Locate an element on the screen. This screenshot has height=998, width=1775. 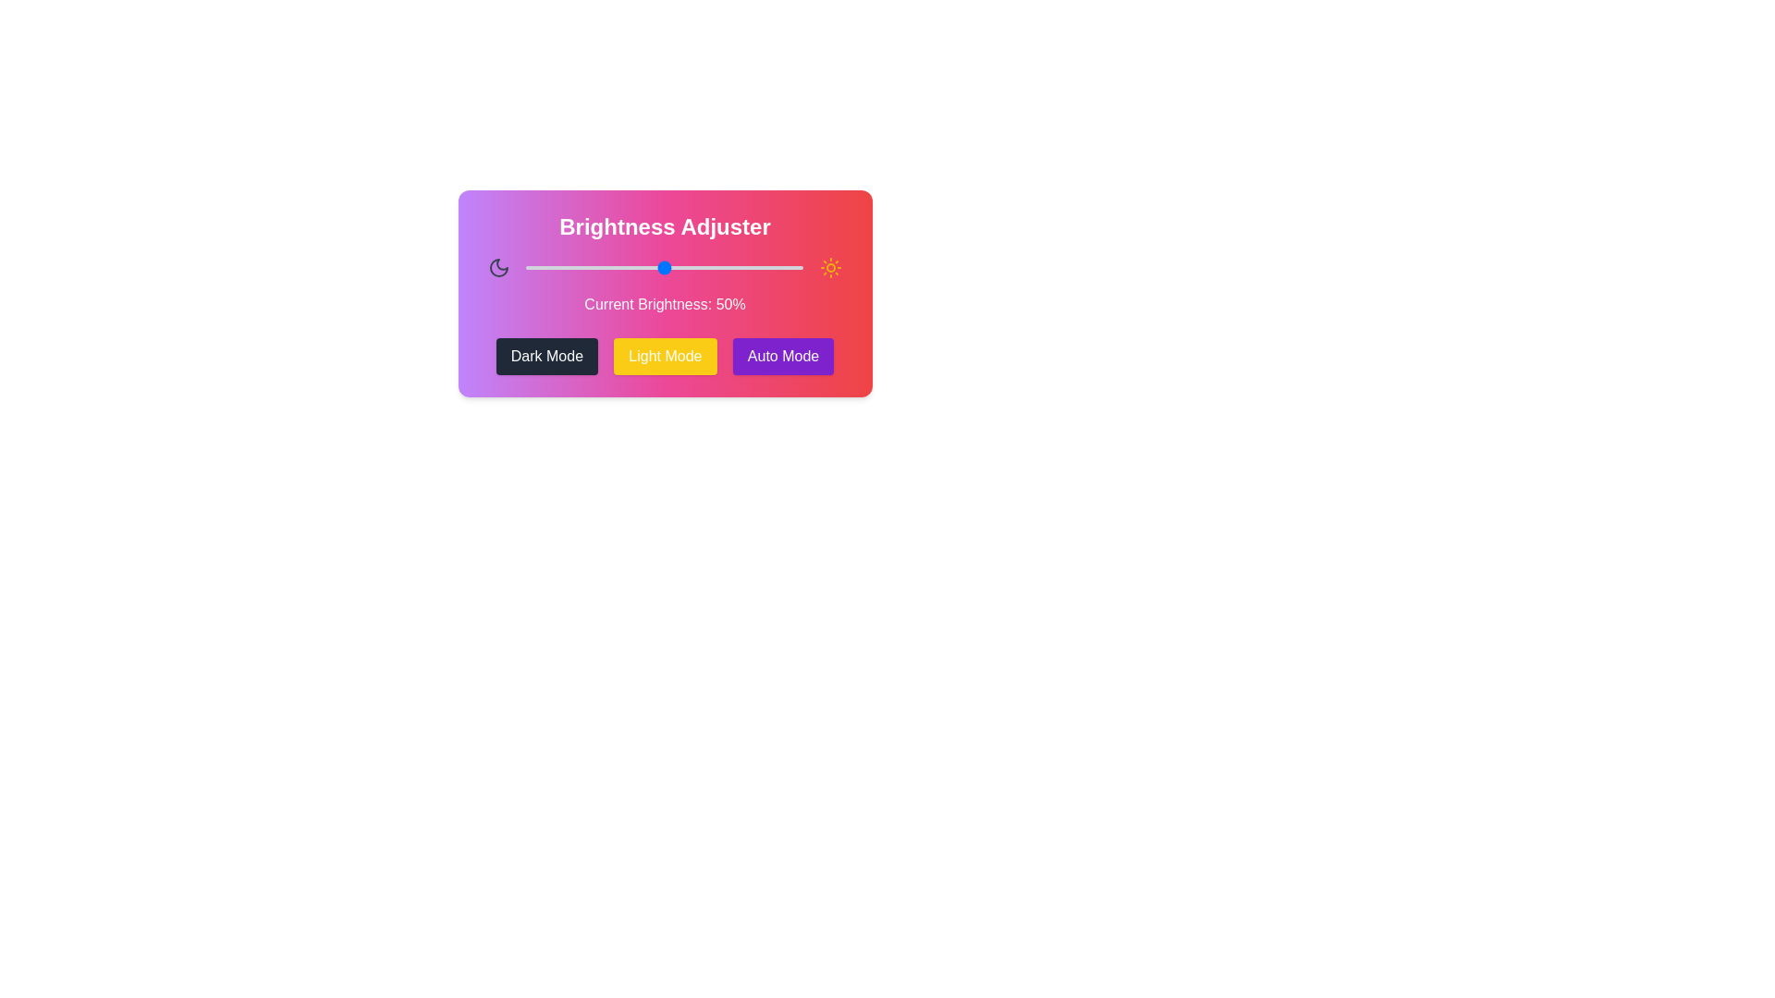
the 'Light Mode' button is located at coordinates (666, 356).